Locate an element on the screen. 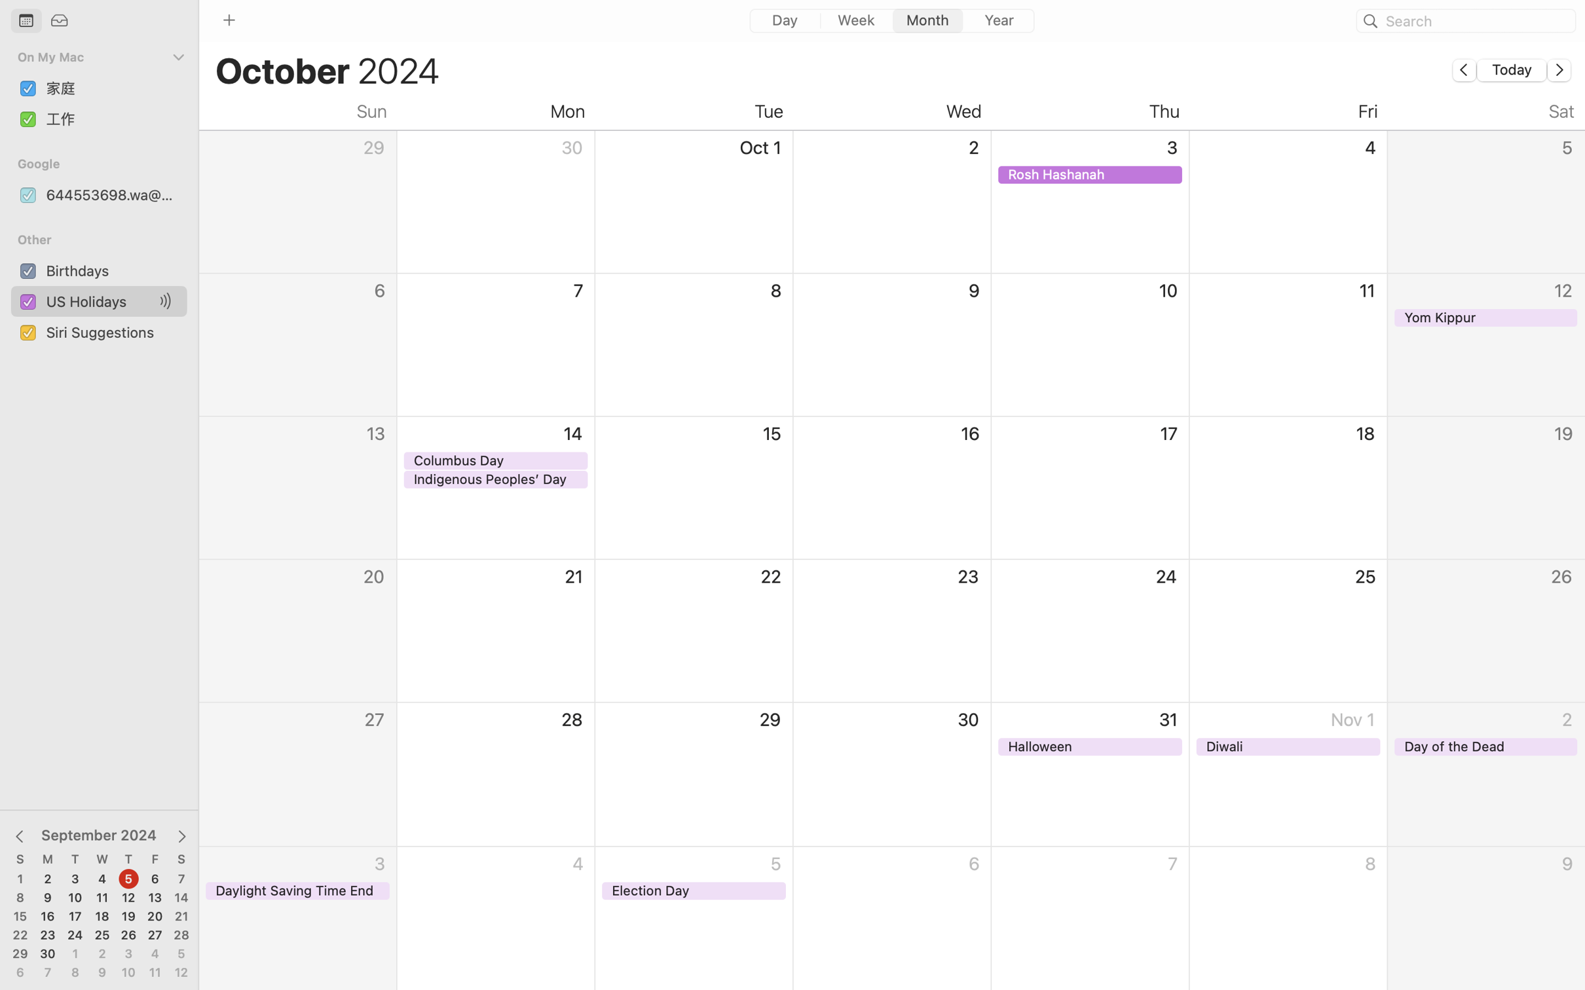 Image resolution: width=1585 pixels, height=990 pixels. 'Google' is located at coordinates (105, 164).